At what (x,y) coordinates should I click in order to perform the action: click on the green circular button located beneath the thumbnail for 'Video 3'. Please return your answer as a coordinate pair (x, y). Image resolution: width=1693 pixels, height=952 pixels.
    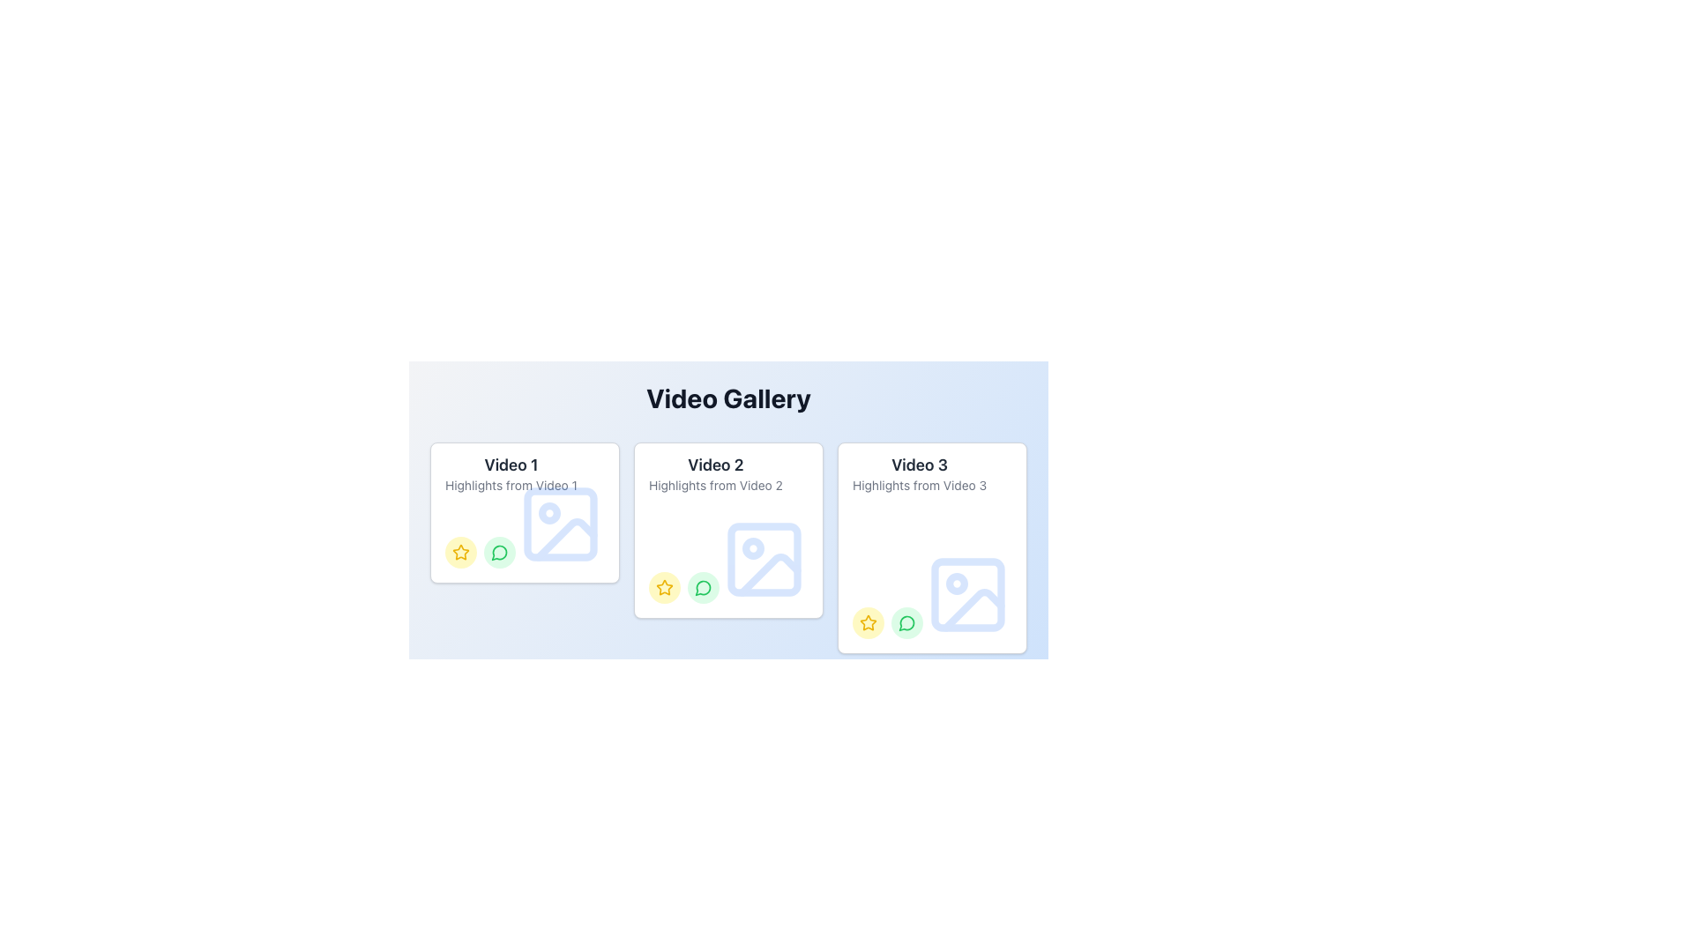
    Looking at the image, I should click on (906, 621).